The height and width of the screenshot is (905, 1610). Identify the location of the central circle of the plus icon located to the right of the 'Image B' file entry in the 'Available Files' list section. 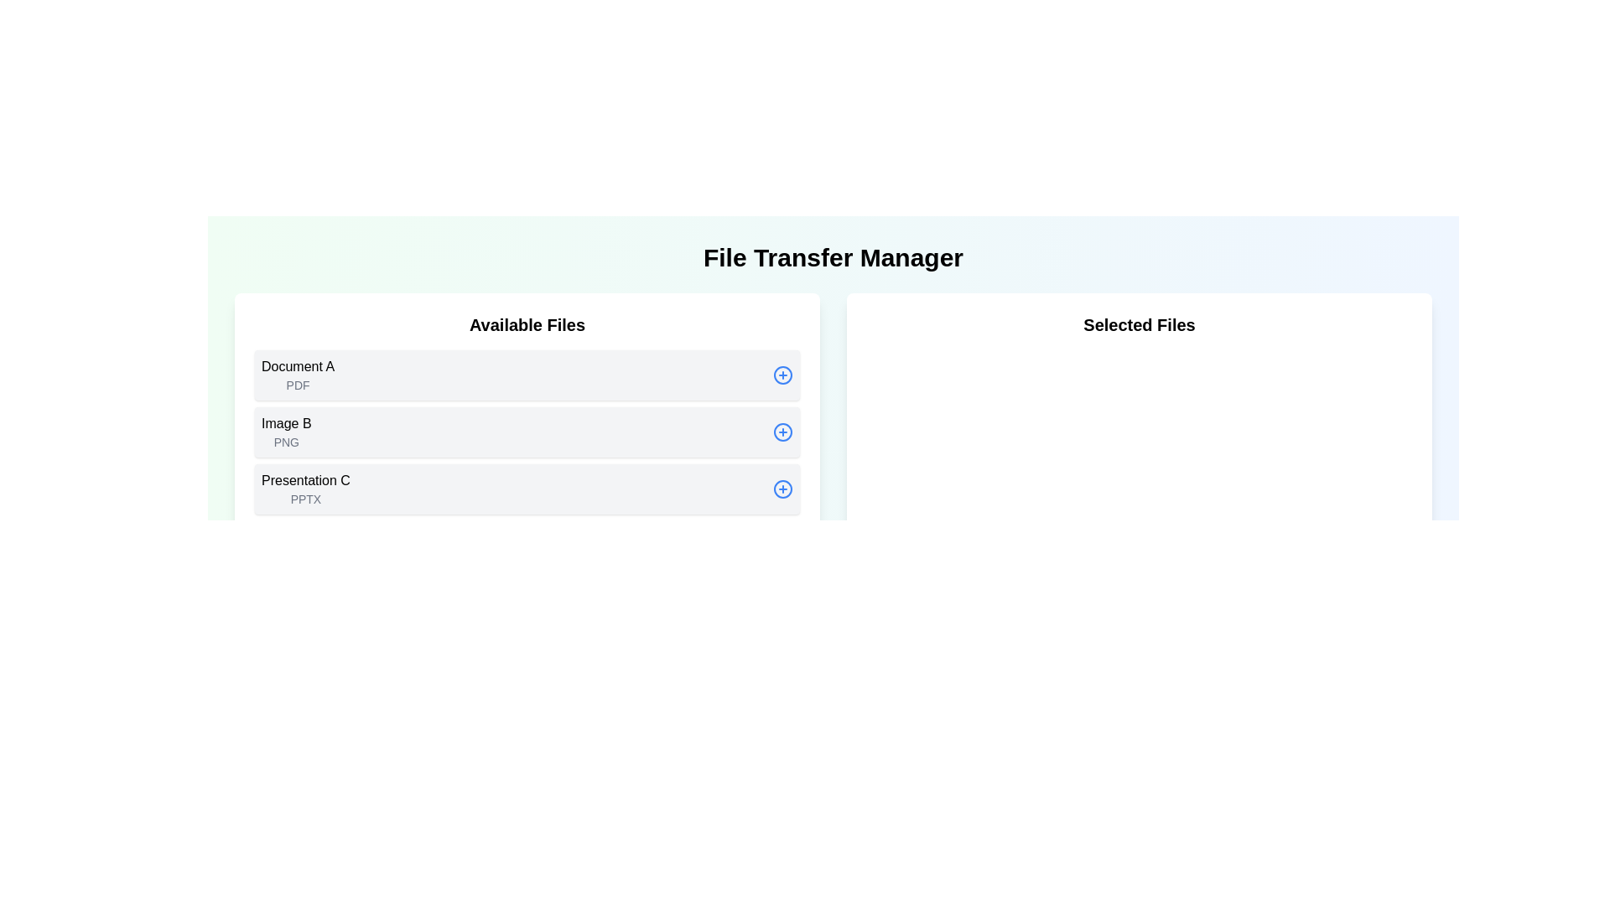
(782, 432).